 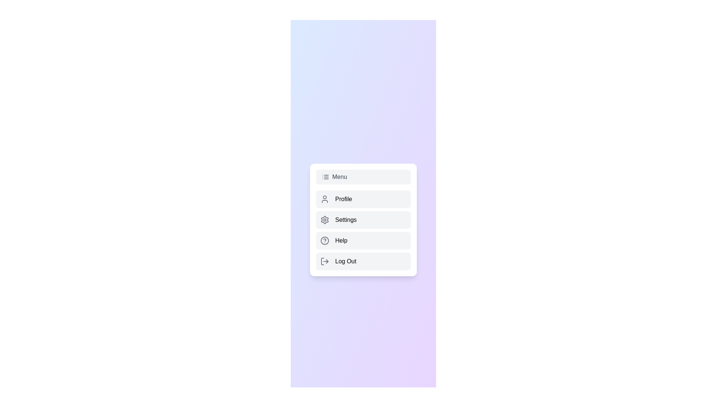 I want to click on the 'Menu' button to toggle the menu visibility, so click(x=363, y=177).